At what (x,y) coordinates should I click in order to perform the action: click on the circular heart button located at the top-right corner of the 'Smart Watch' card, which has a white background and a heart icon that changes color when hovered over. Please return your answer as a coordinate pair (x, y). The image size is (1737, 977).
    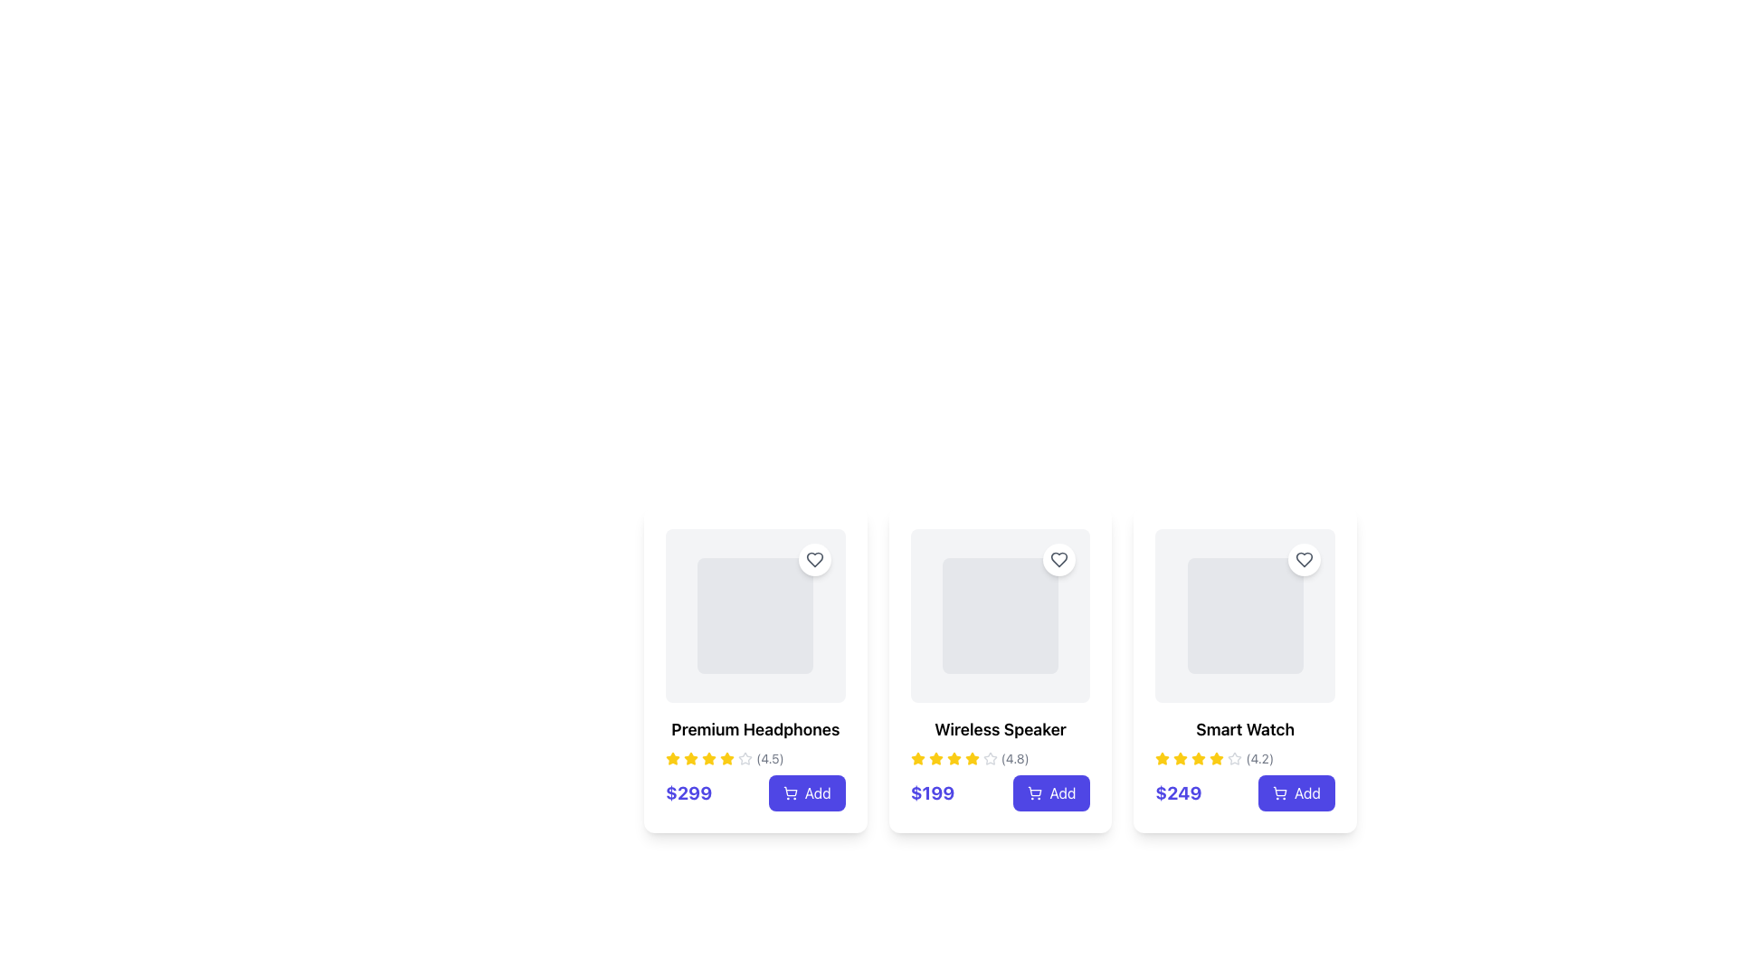
    Looking at the image, I should click on (1304, 558).